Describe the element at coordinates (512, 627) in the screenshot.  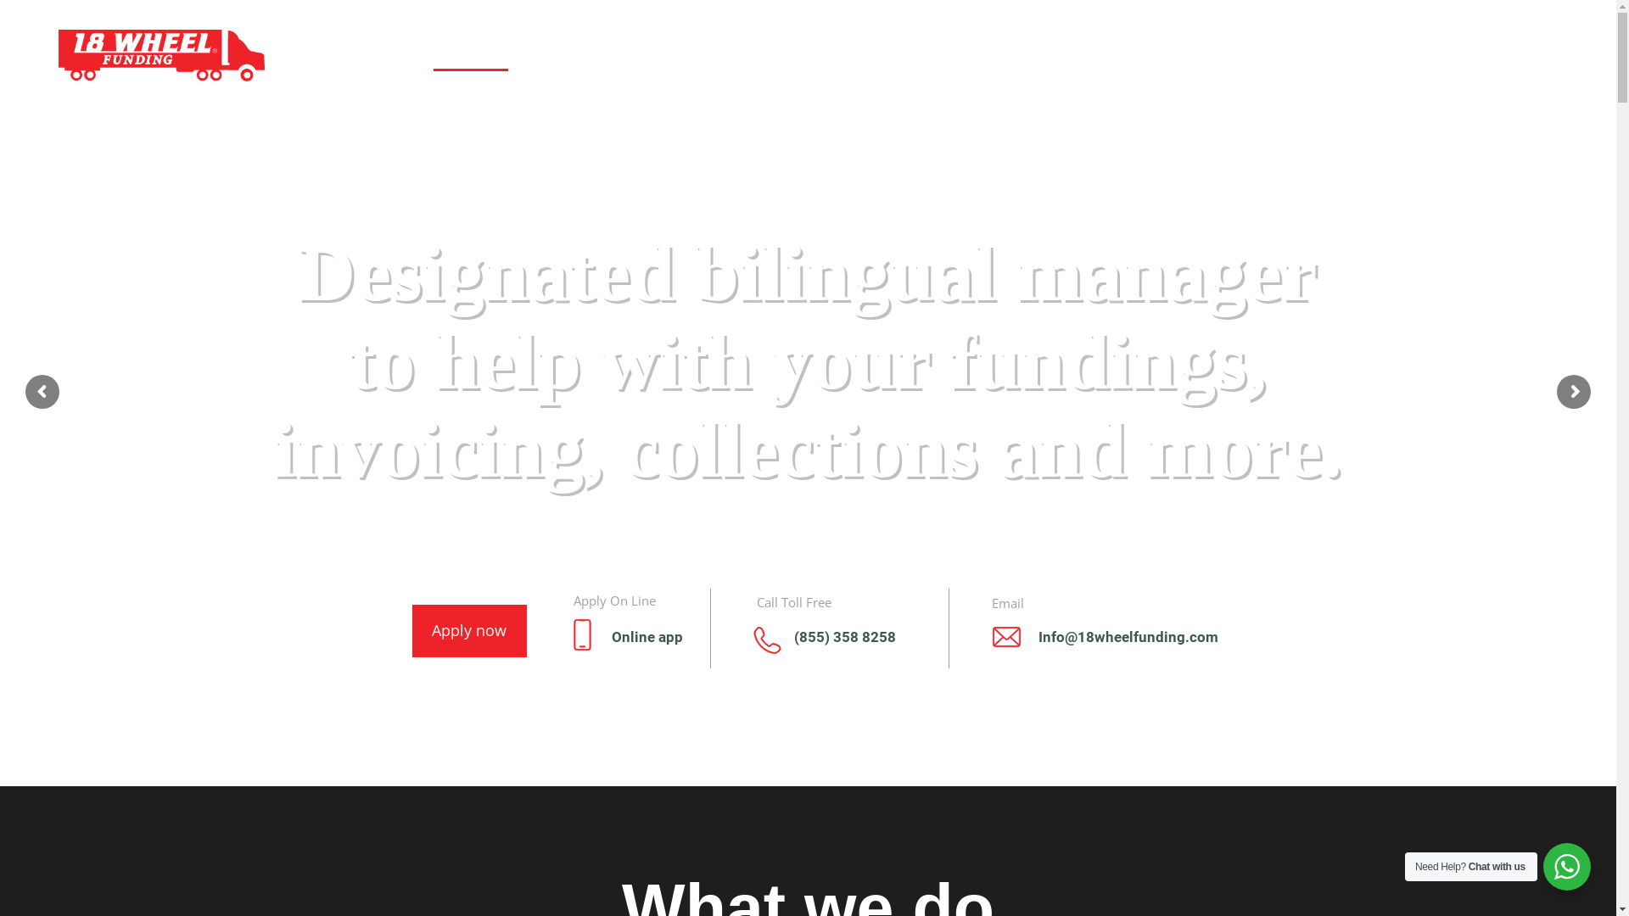
I see `'Apply now'` at that location.